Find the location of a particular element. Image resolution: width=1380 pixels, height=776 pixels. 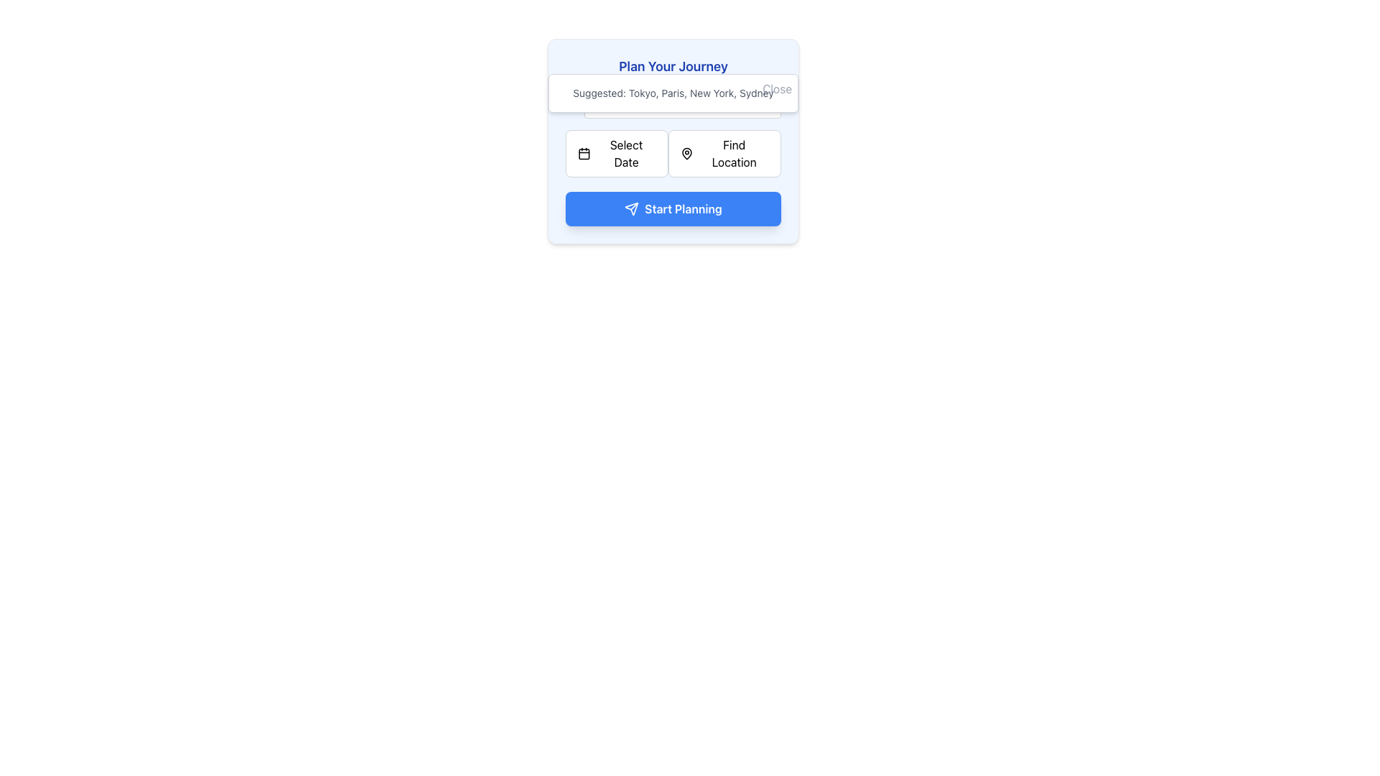

the text label within the button that prompts location selection, positioned next to a location pin icon, below the 'Plan Your Journey' banner and to the right of the 'Select Date' button is located at coordinates (734, 153).